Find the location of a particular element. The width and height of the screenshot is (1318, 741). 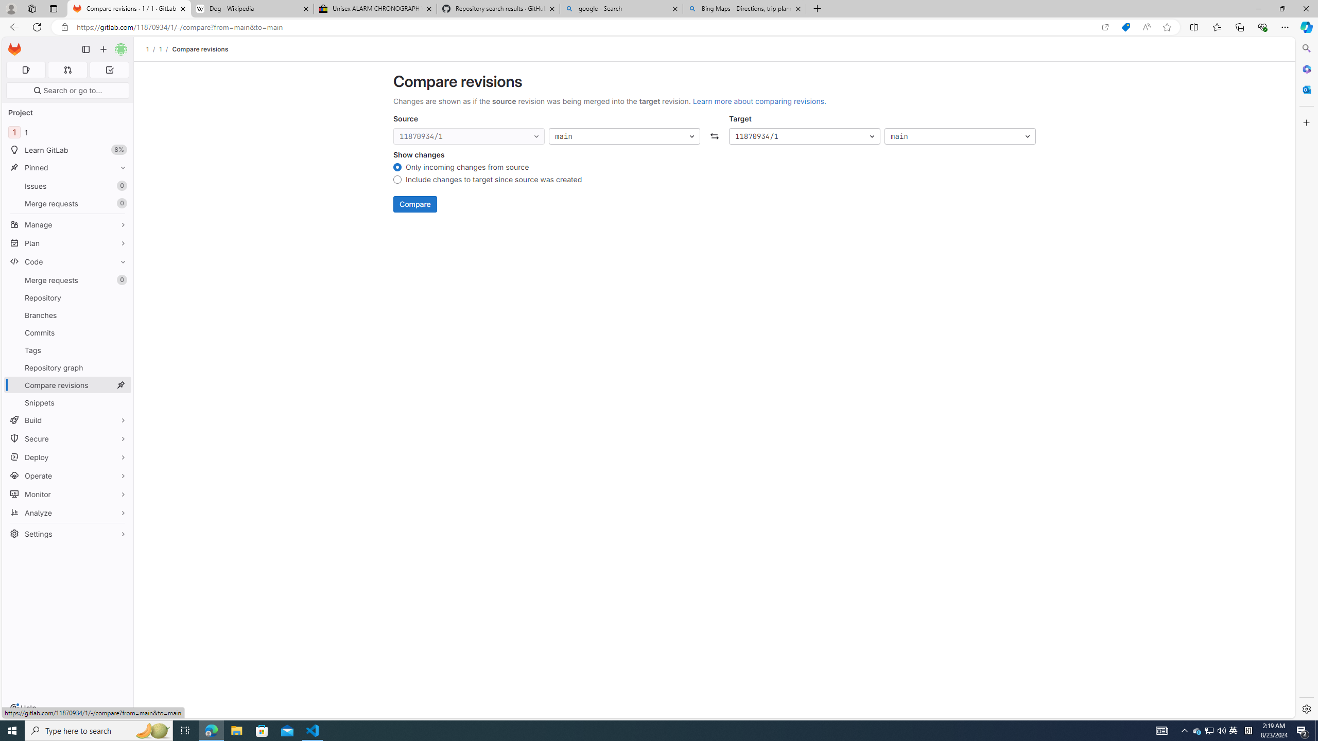

'Pin Repository graph' is located at coordinates (120, 367).